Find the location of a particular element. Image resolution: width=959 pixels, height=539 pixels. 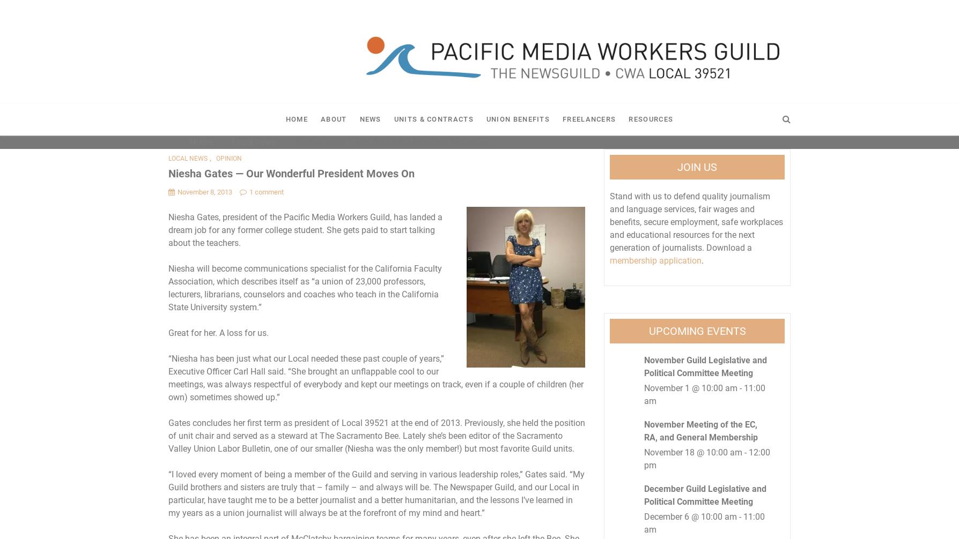

',' is located at coordinates (210, 156).